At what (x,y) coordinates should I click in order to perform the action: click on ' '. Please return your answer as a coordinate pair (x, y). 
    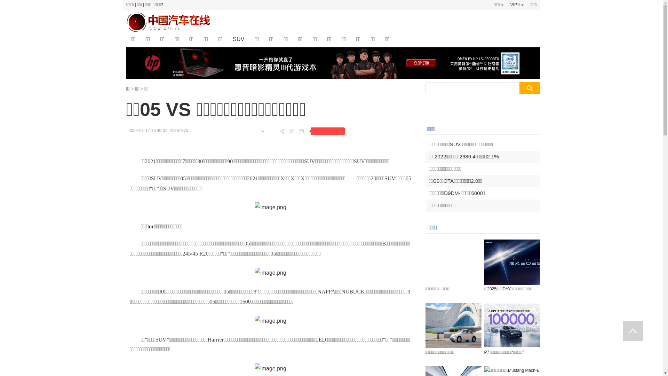
    Looking at the image, I should click on (633, 331).